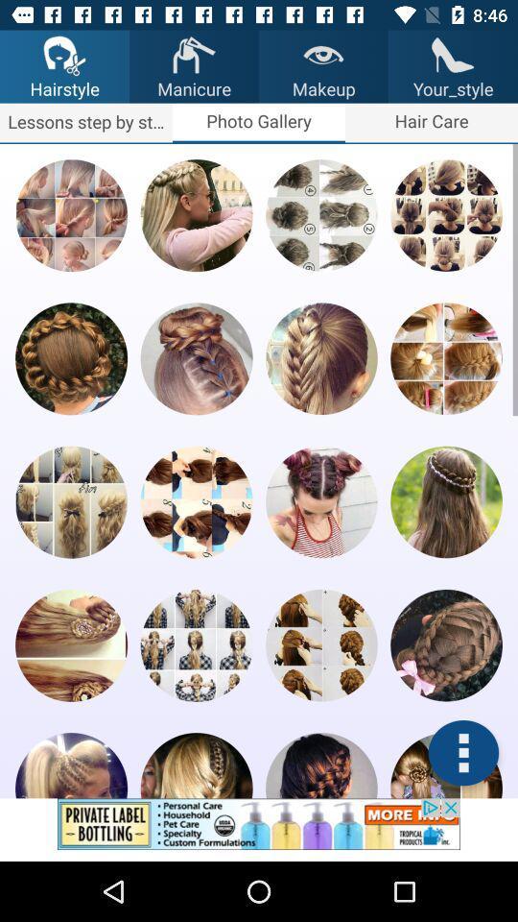 The height and width of the screenshot is (922, 518). What do you see at coordinates (321, 357) in the screenshot?
I see `open photo` at bounding box center [321, 357].